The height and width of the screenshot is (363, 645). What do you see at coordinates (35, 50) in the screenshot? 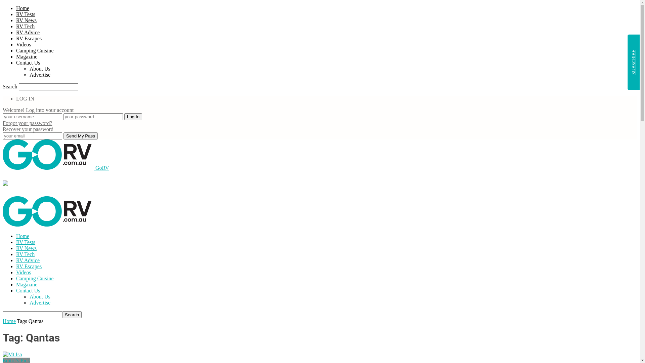
I see `'Camping Cuisine'` at bounding box center [35, 50].